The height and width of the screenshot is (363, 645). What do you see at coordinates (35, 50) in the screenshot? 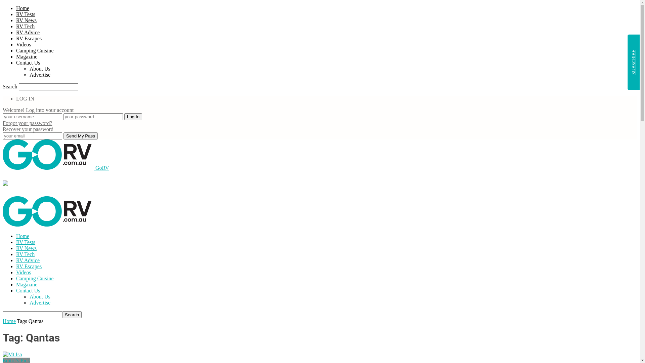
I see `'Camping Cuisine'` at bounding box center [35, 50].